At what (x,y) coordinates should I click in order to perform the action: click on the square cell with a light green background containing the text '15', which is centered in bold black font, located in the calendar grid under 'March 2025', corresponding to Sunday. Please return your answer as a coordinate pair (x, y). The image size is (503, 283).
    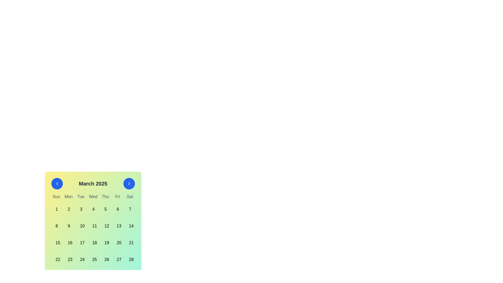
    Looking at the image, I should click on (56, 243).